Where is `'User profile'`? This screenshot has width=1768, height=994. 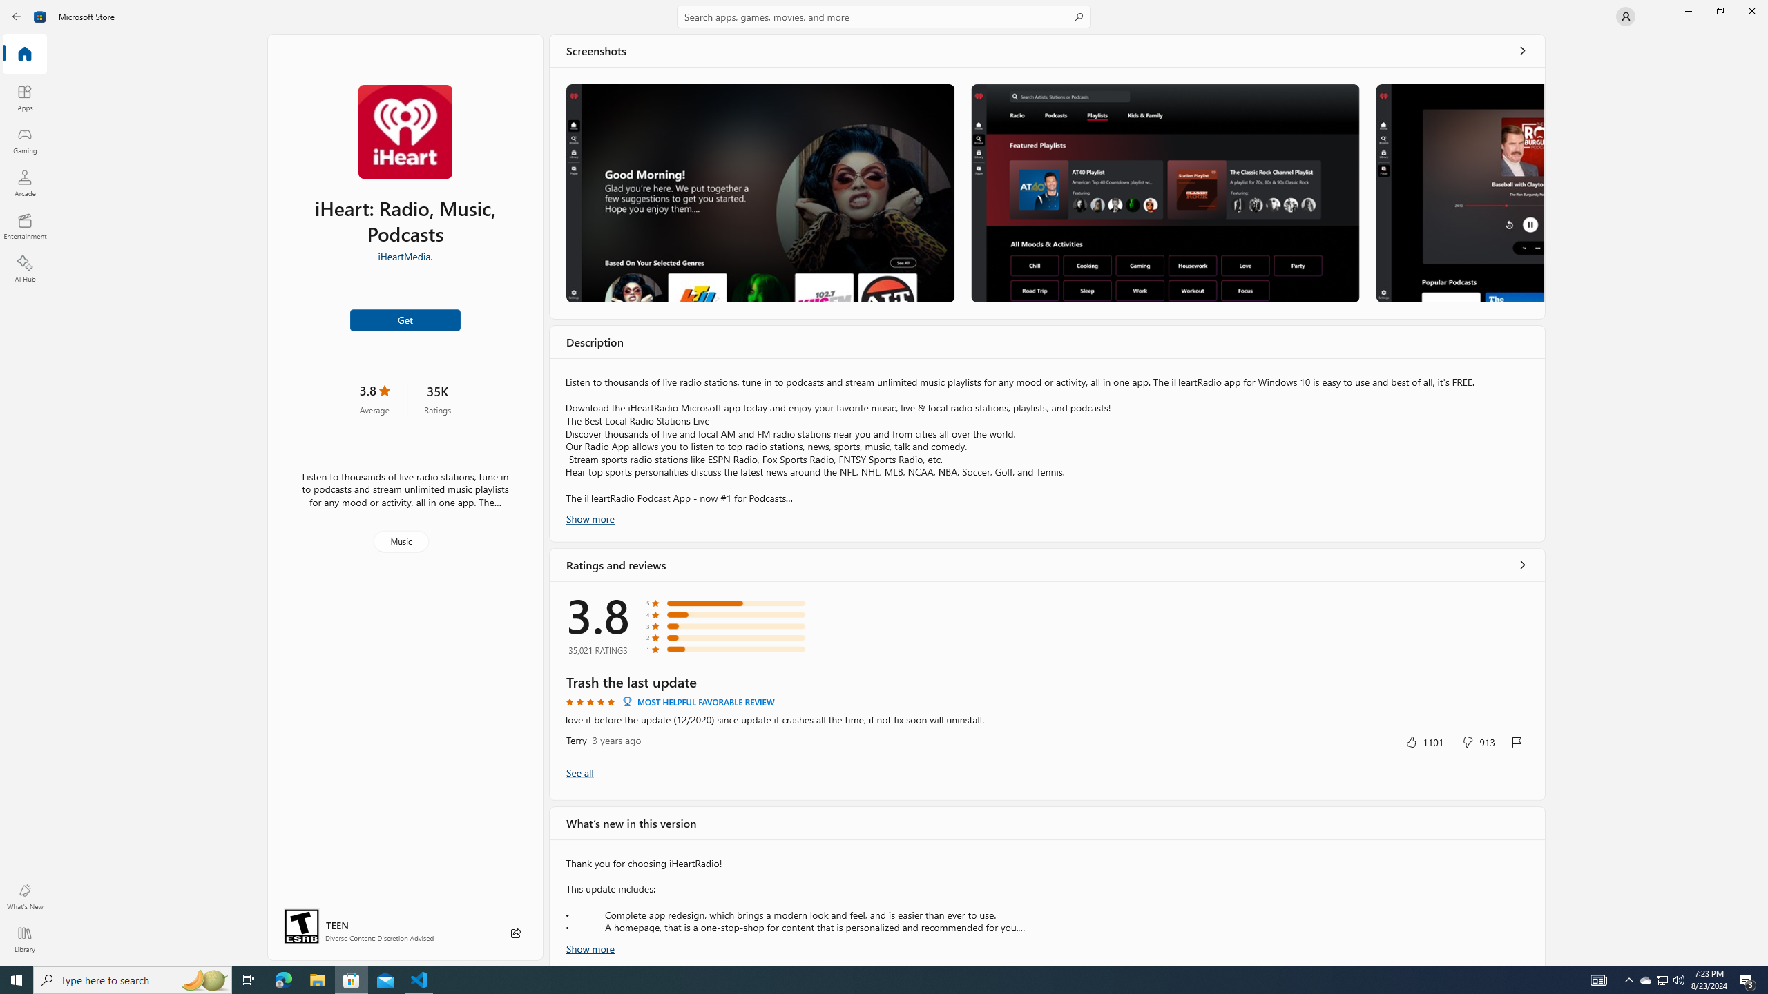 'User profile' is located at coordinates (1624, 15).